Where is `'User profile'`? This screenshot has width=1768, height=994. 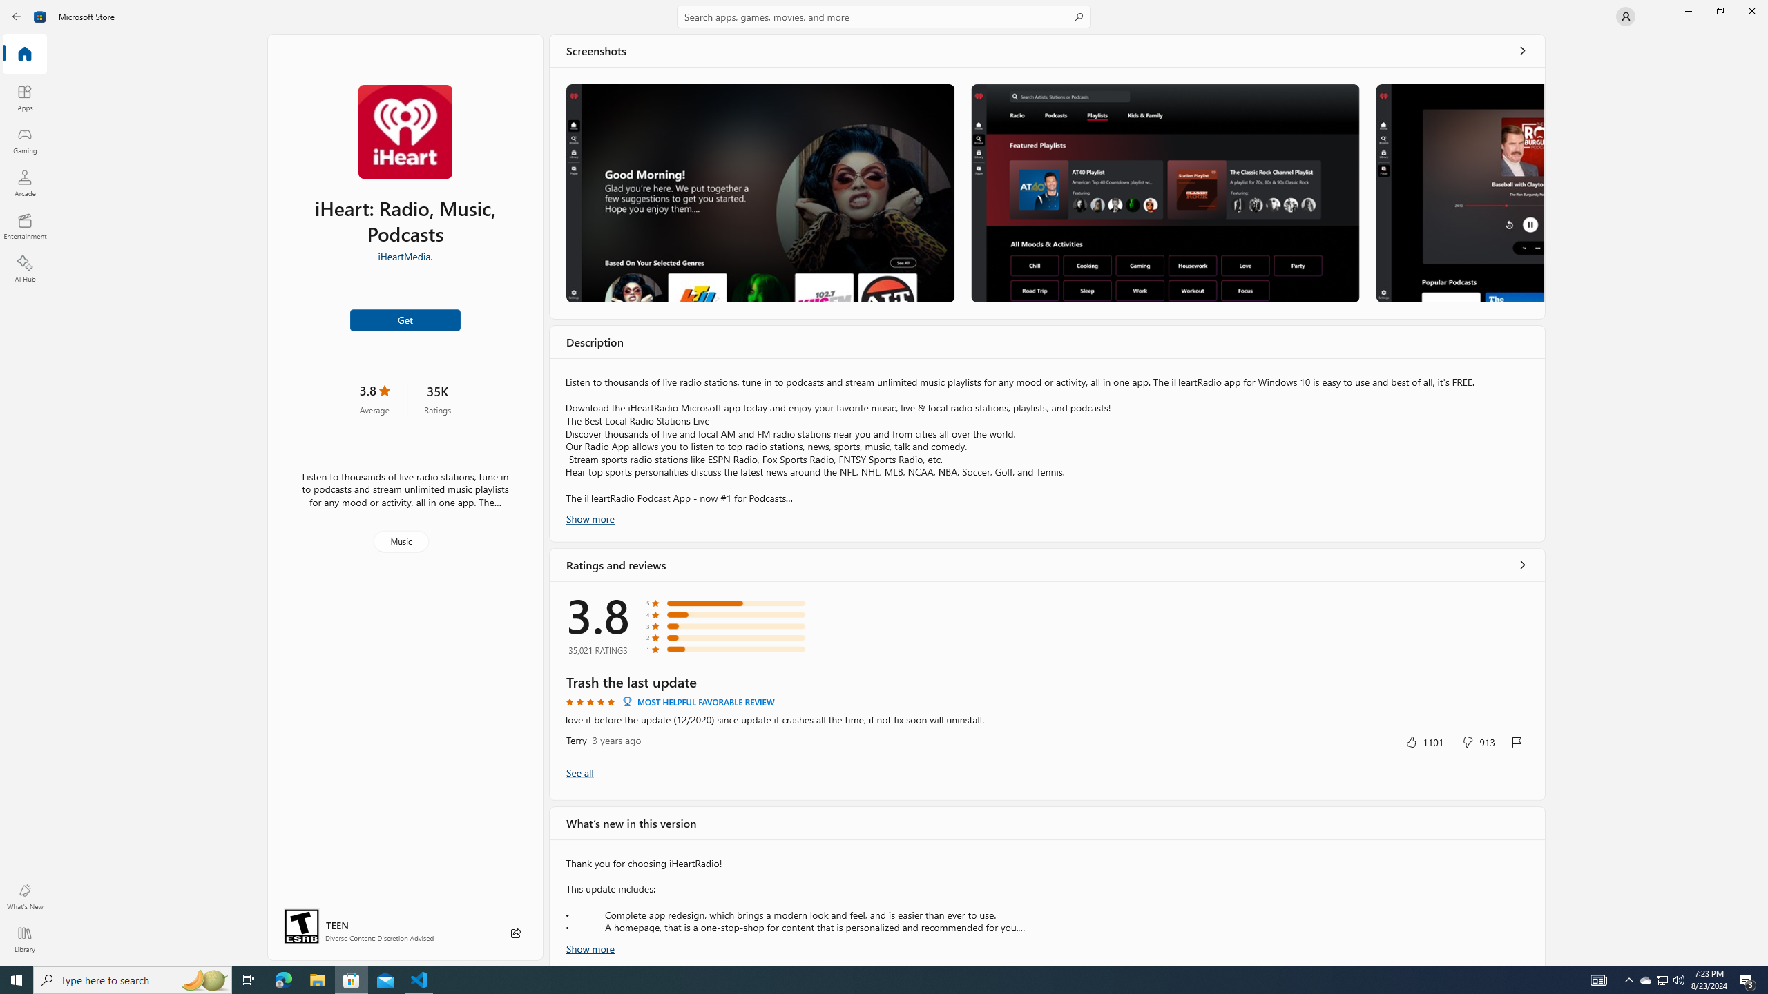 'User profile' is located at coordinates (1624, 15).